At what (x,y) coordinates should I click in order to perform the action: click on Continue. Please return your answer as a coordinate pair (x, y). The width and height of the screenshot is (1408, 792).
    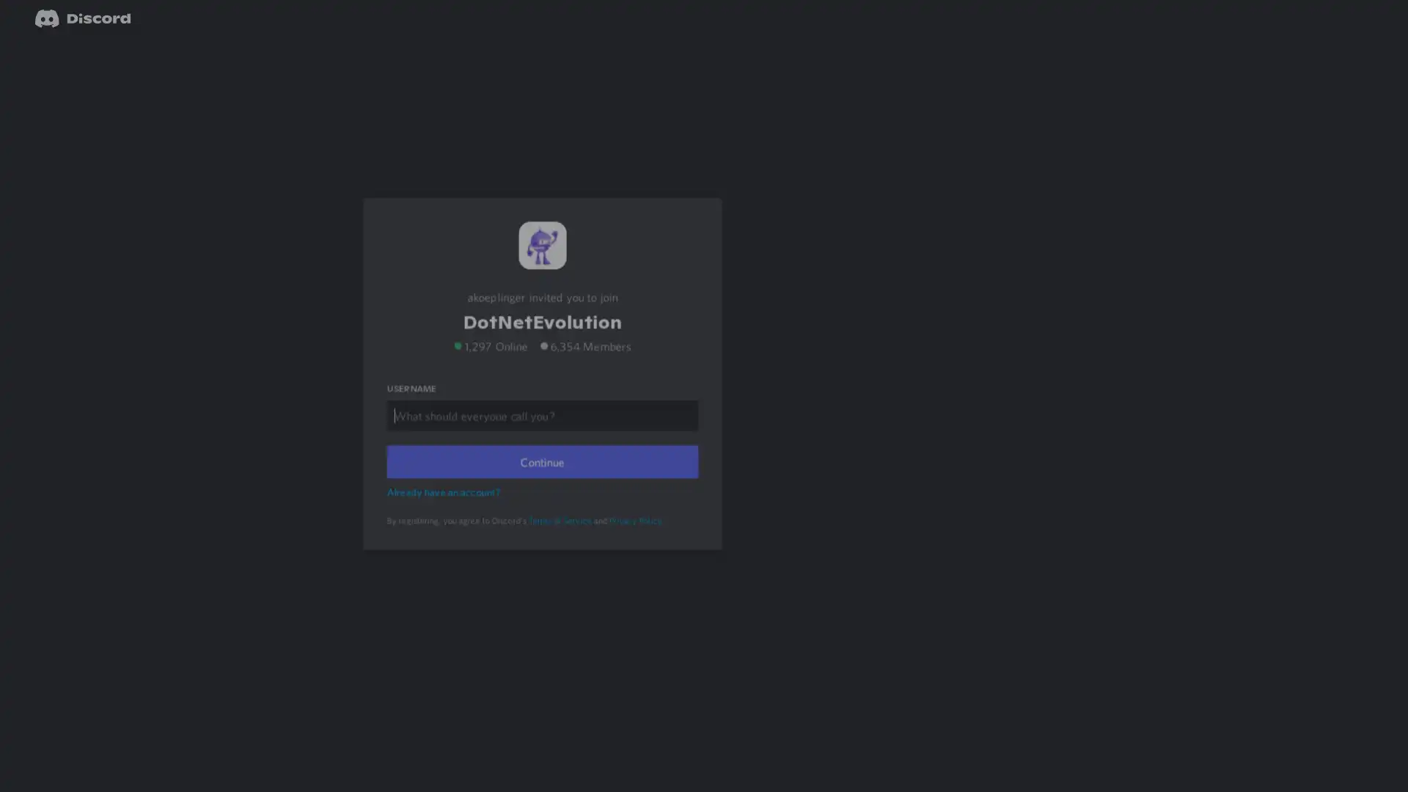
    Looking at the image, I should click on (541, 481).